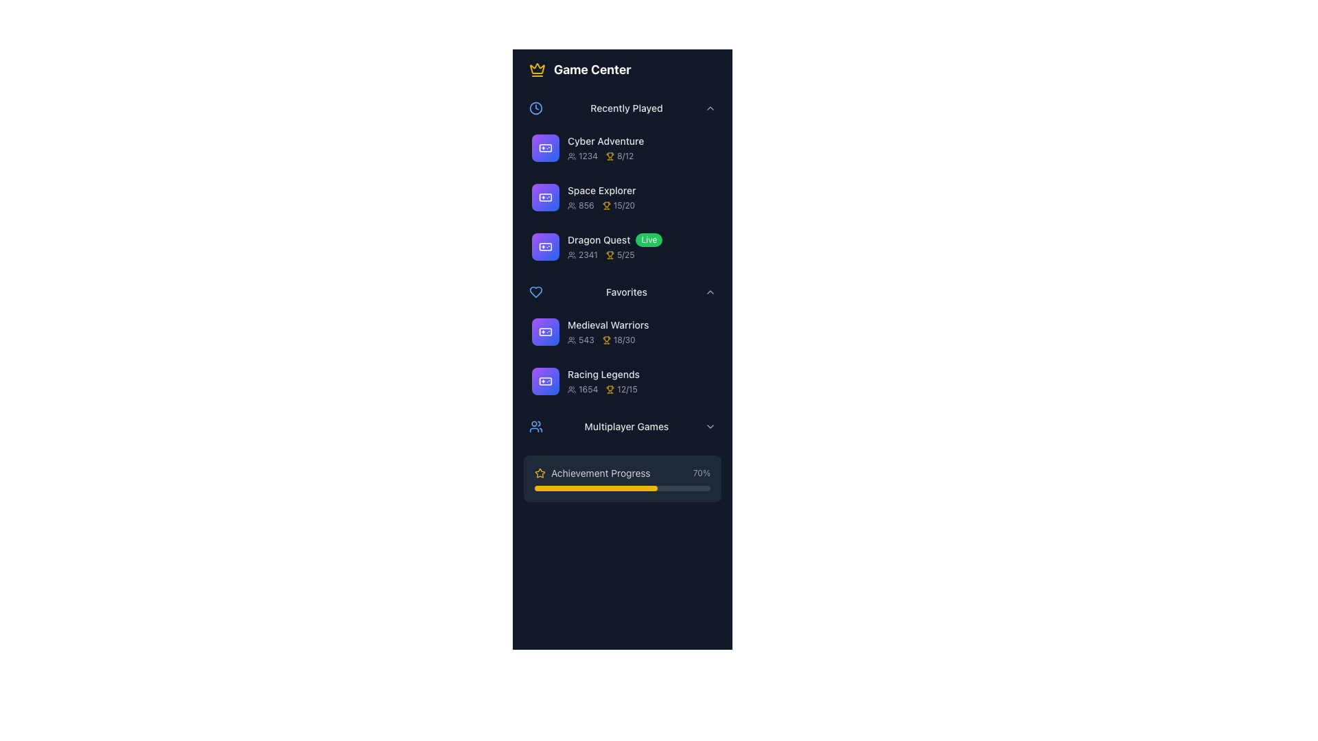 This screenshot has width=1318, height=741. What do you see at coordinates (622, 198) in the screenshot?
I see `the 'Space Explorer' list item` at bounding box center [622, 198].